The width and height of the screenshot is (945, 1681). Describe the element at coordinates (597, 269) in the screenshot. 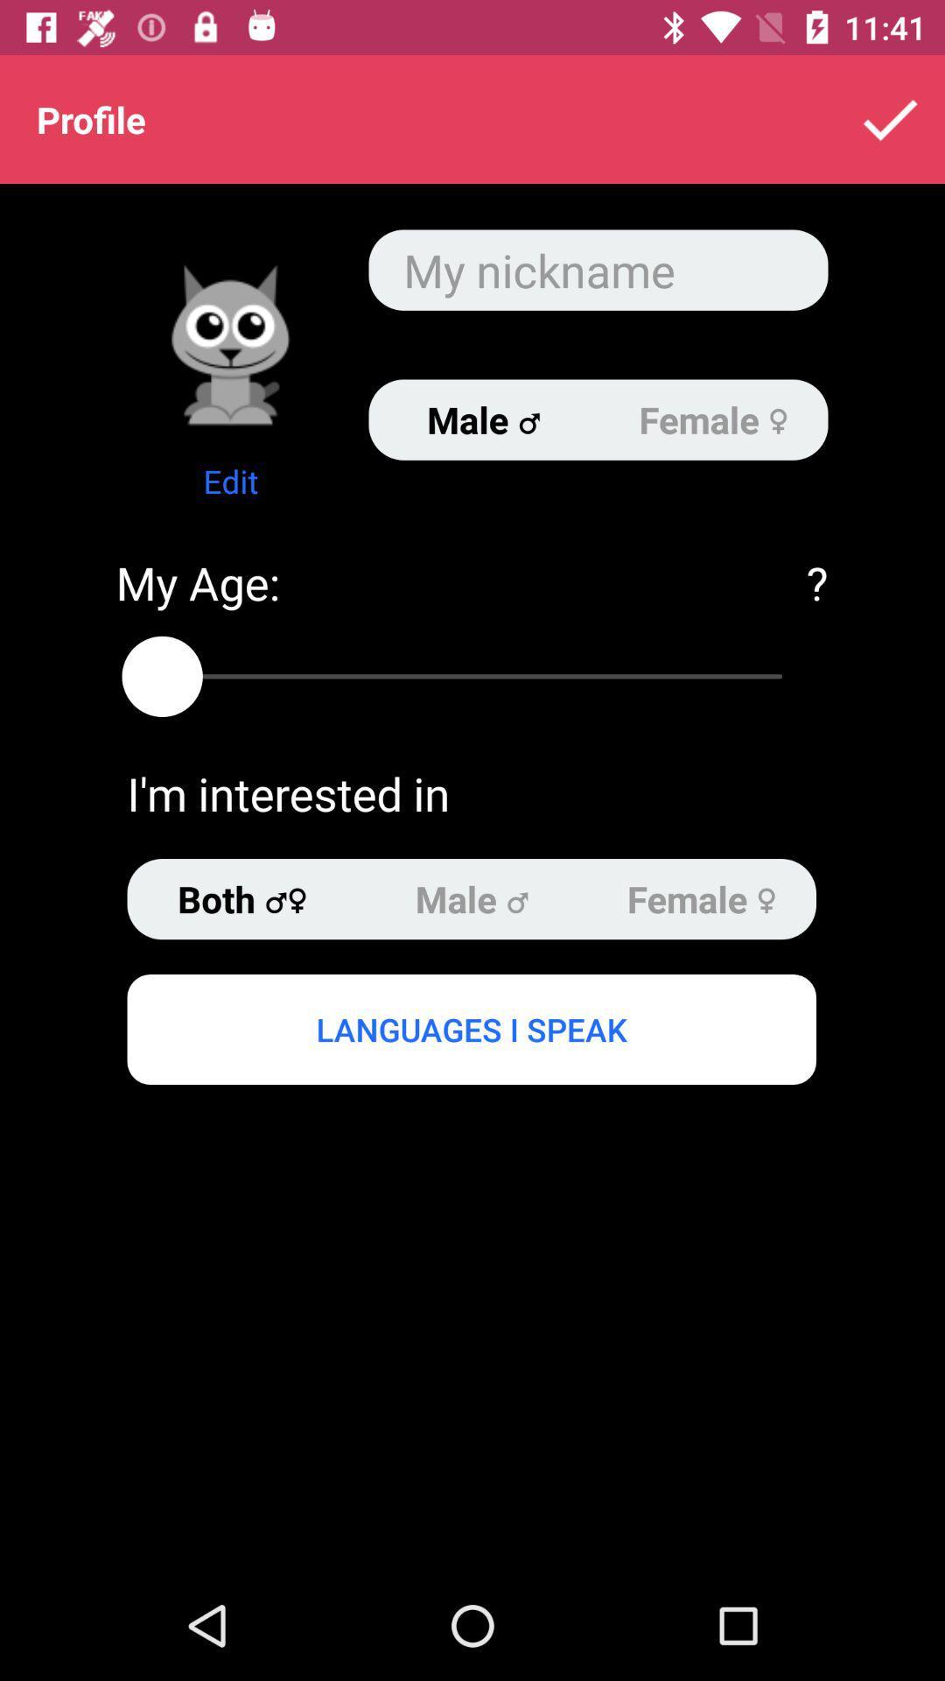

I see `text` at that location.